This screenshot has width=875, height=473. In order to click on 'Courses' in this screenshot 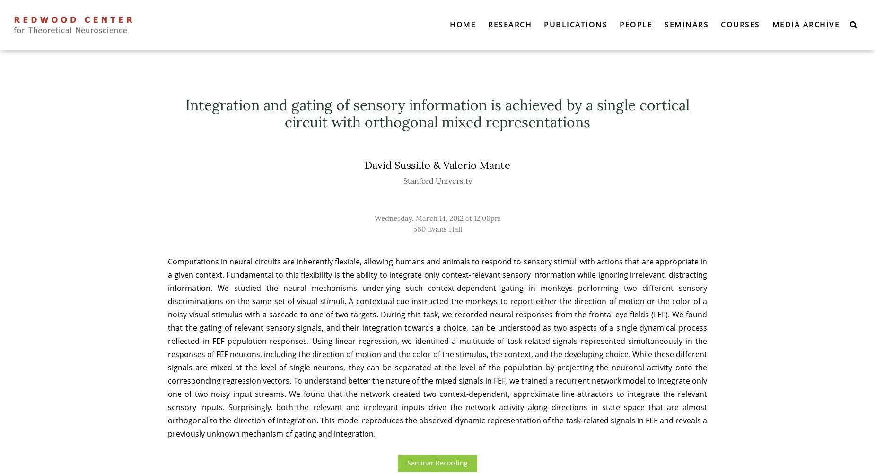, I will do `click(740, 24)`.